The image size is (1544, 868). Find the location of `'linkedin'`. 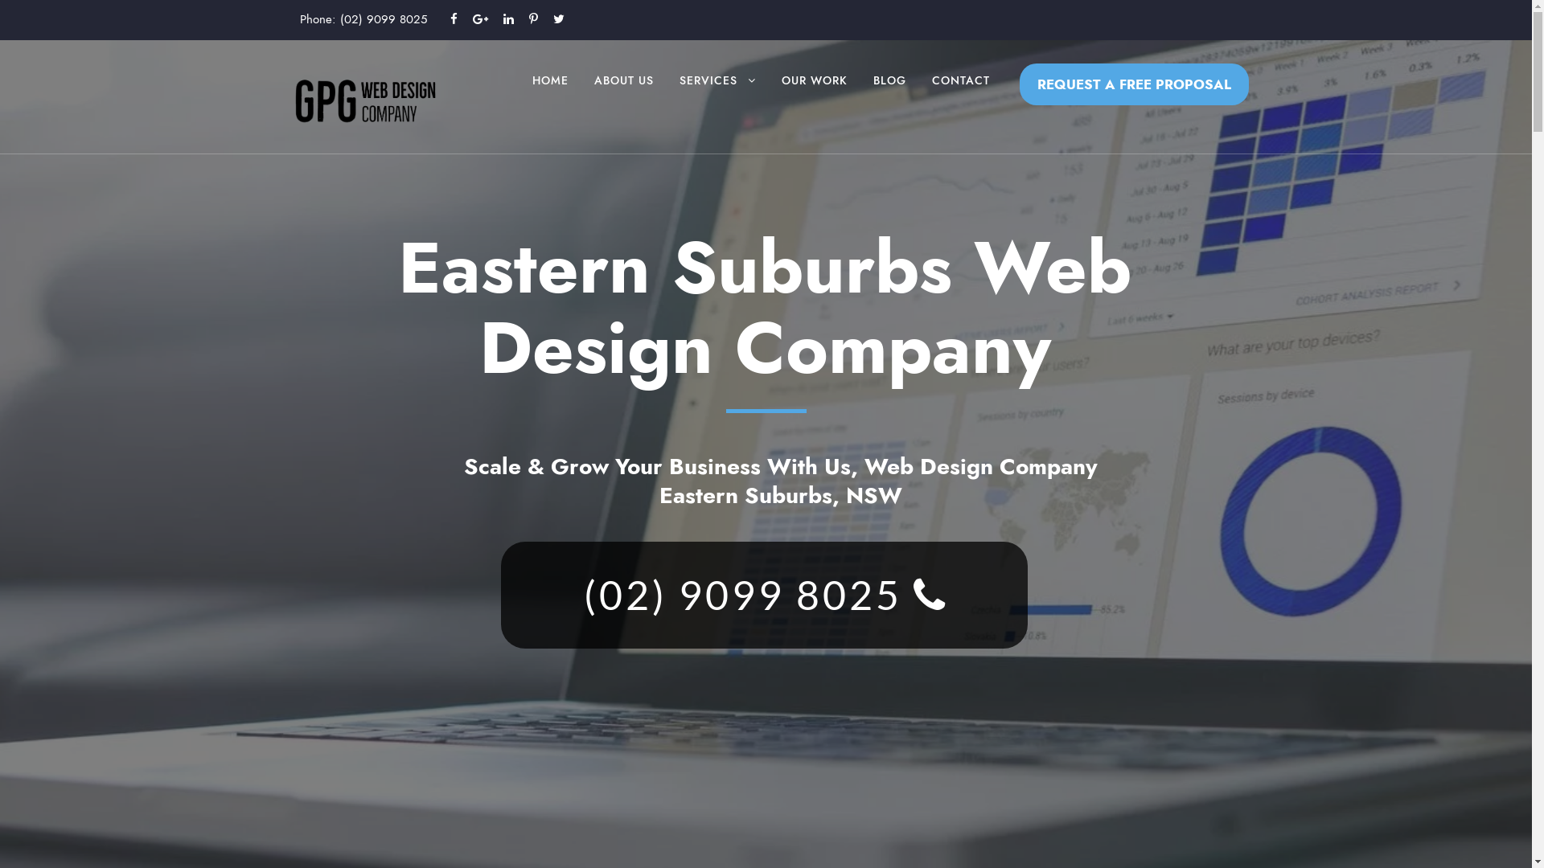

'linkedin' is located at coordinates (507, 18).